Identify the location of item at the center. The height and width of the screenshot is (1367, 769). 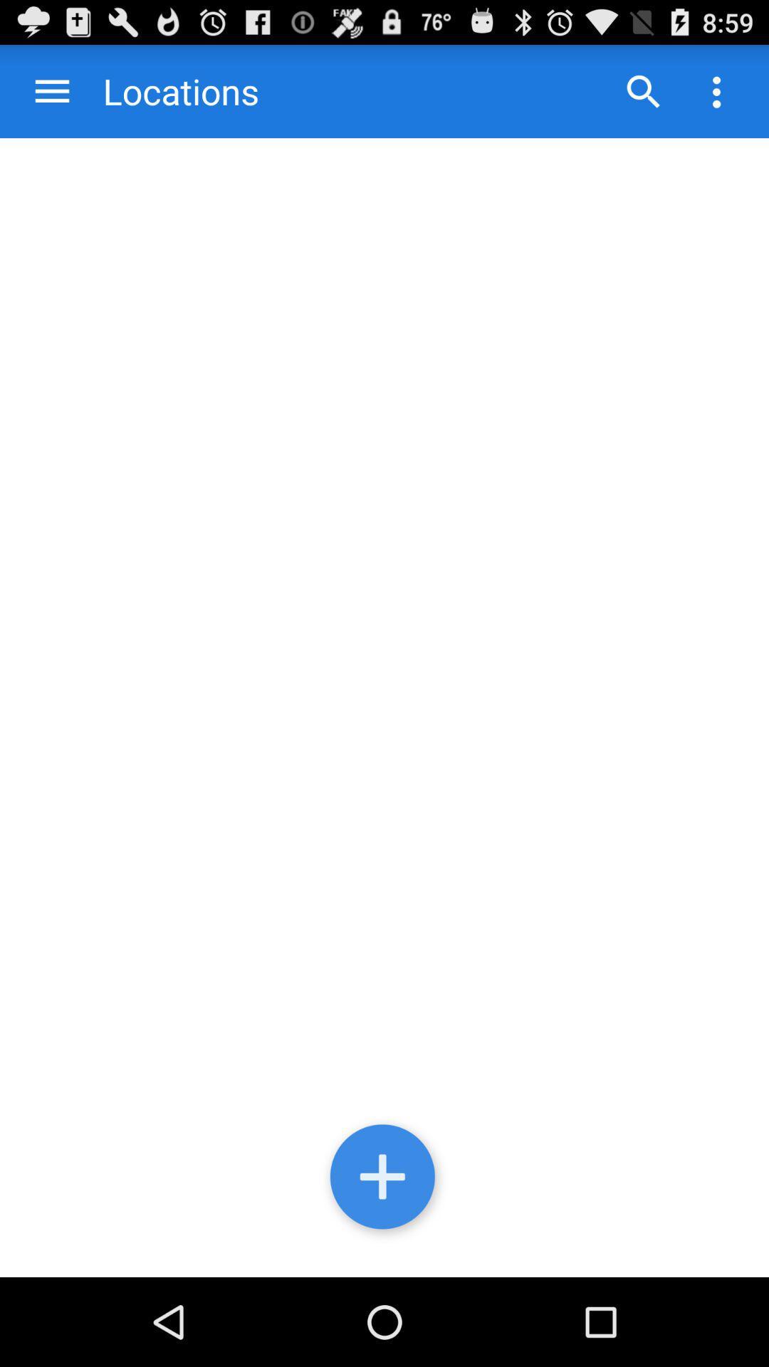
(384, 708).